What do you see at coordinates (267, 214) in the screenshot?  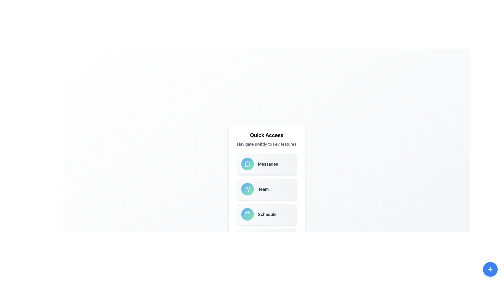 I see `the 'Schedule' text label, which is the third item in the 'Quick Access' list and is located to the right of a circular calendar icon` at bounding box center [267, 214].